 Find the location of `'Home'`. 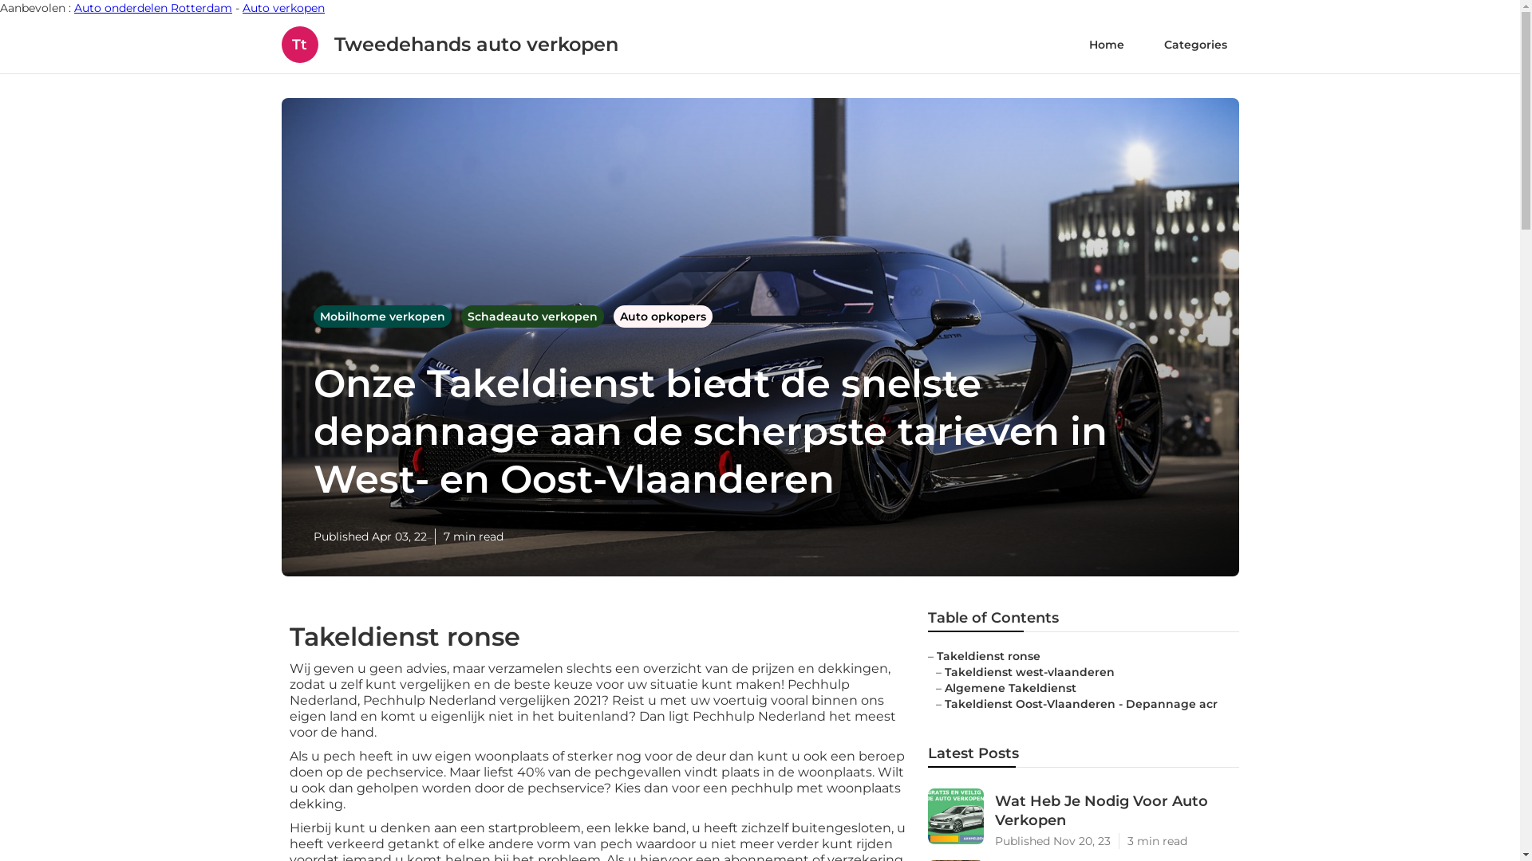

'Home' is located at coordinates (1106, 44).